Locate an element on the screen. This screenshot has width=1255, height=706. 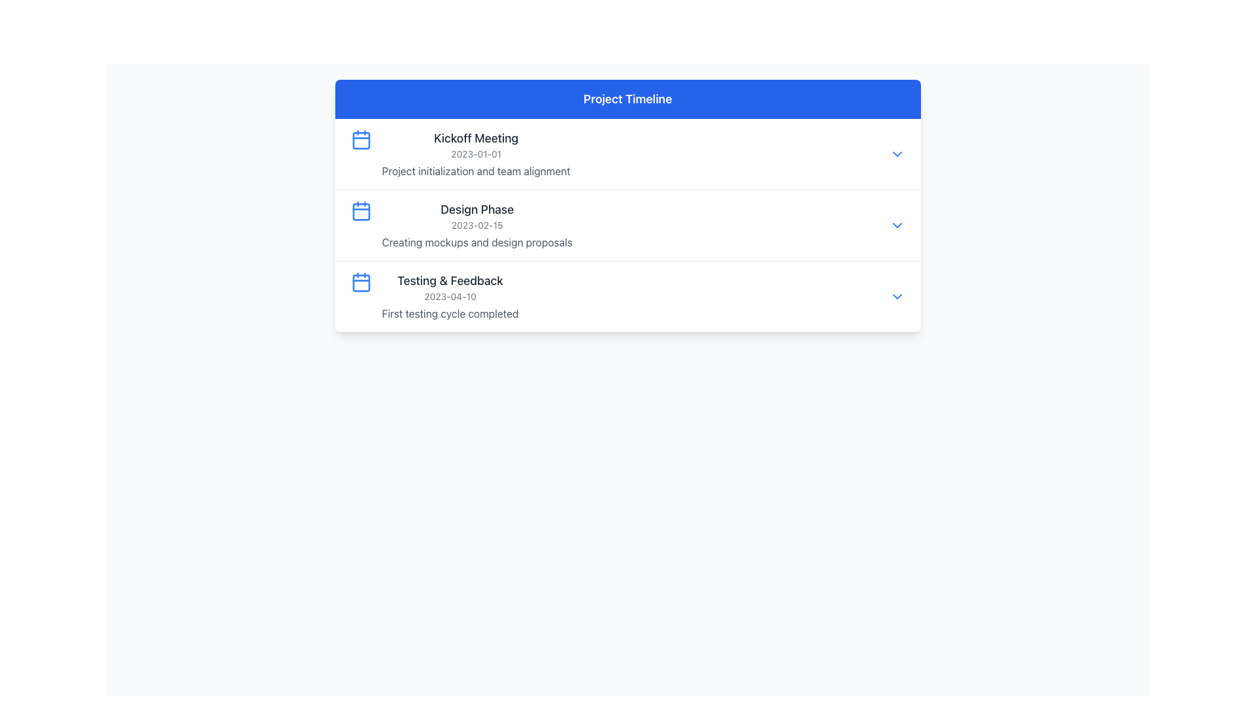
the 'Testing & Feedback' textual display is located at coordinates (450, 297).